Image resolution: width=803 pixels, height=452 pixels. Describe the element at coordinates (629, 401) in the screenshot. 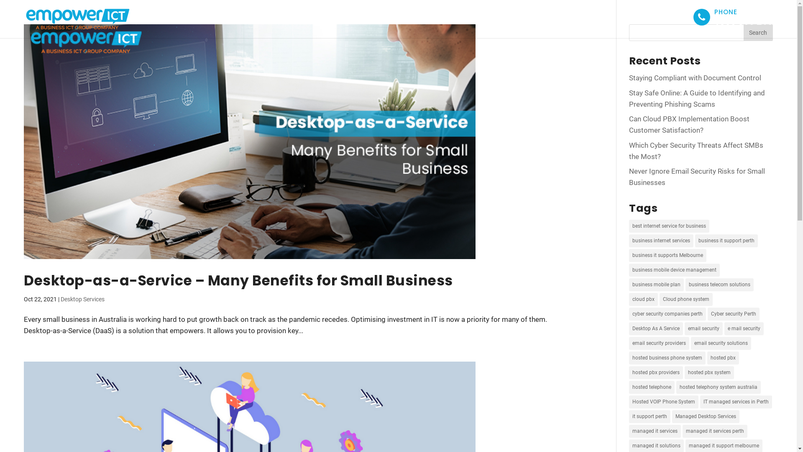

I see `'Hosted VOIP Phone System'` at that location.